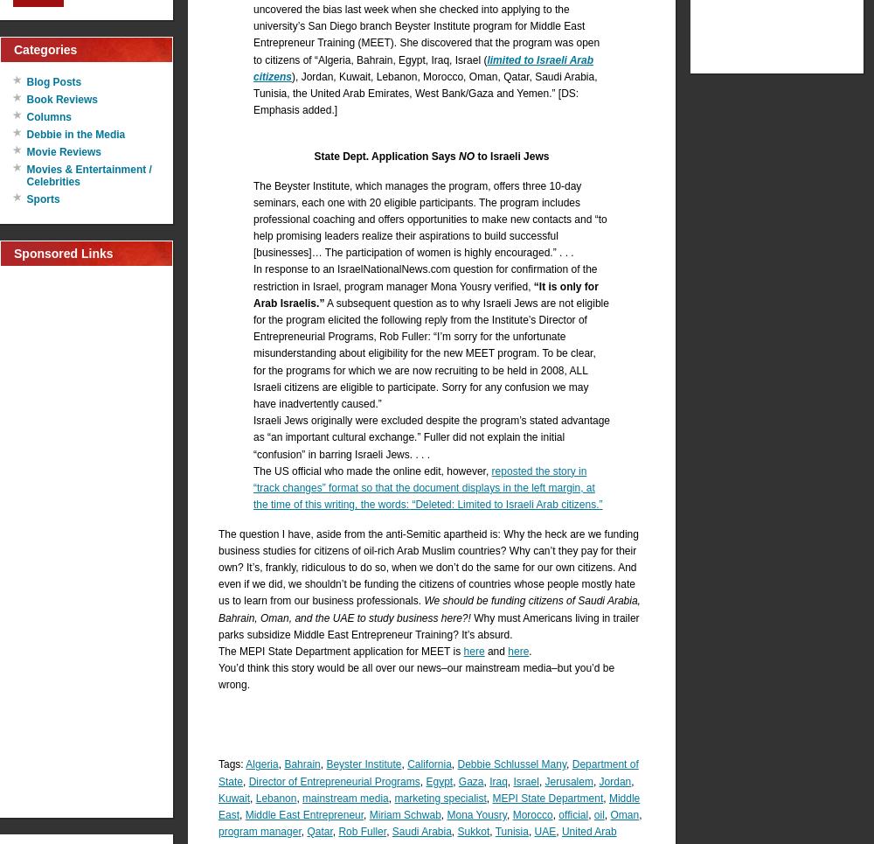 Image resolution: width=874 pixels, height=844 pixels. Describe the element at coordinates (422, 66) in the screenshot. I see `'limited to Israeli Arab citizens'` at that location.